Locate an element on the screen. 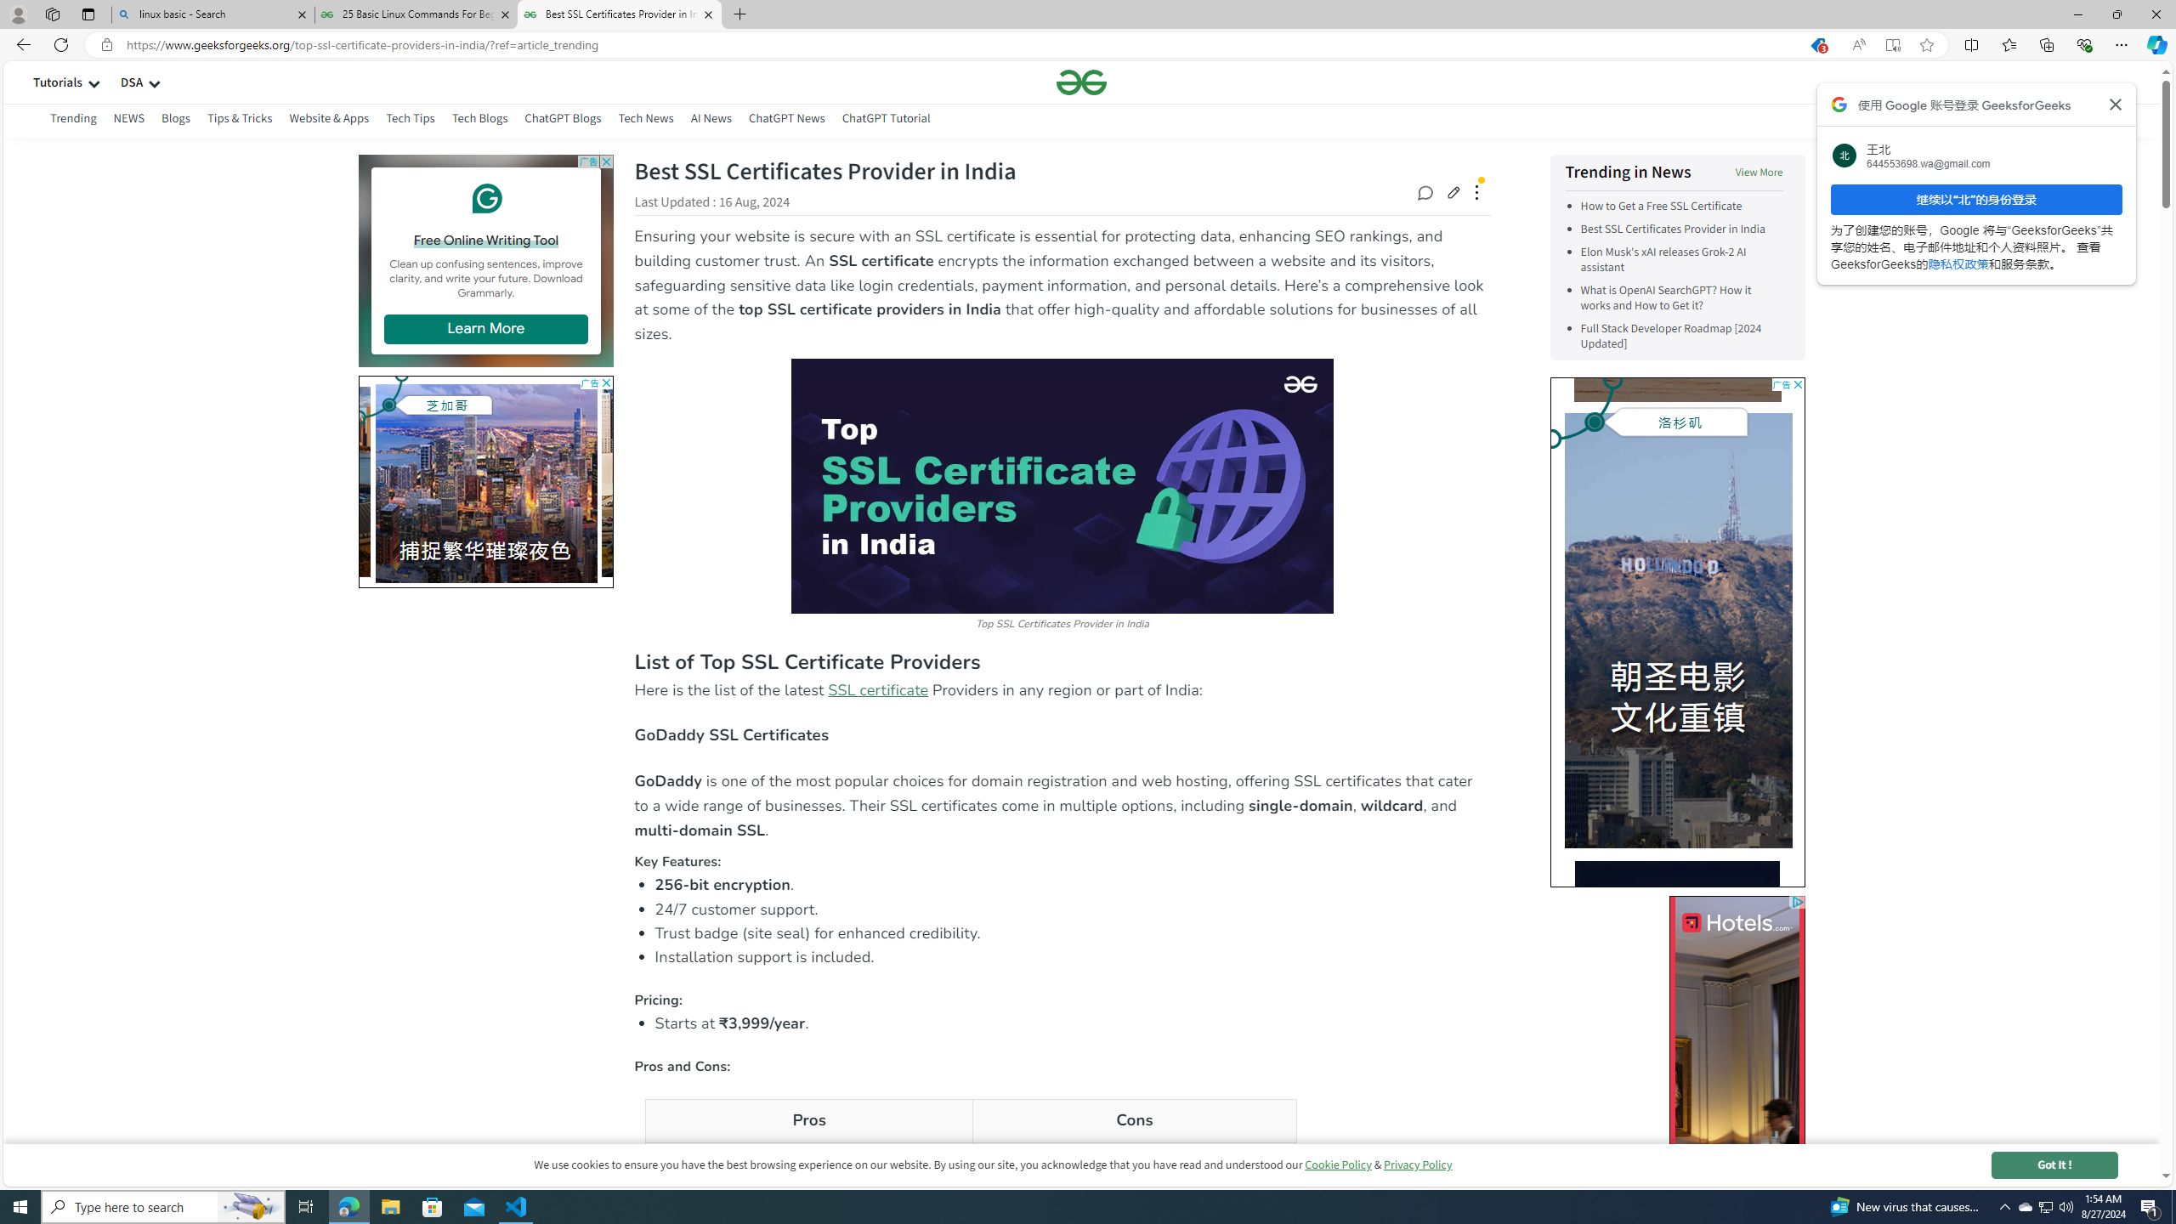  'NEWS' is located at coordinates (128, 117).